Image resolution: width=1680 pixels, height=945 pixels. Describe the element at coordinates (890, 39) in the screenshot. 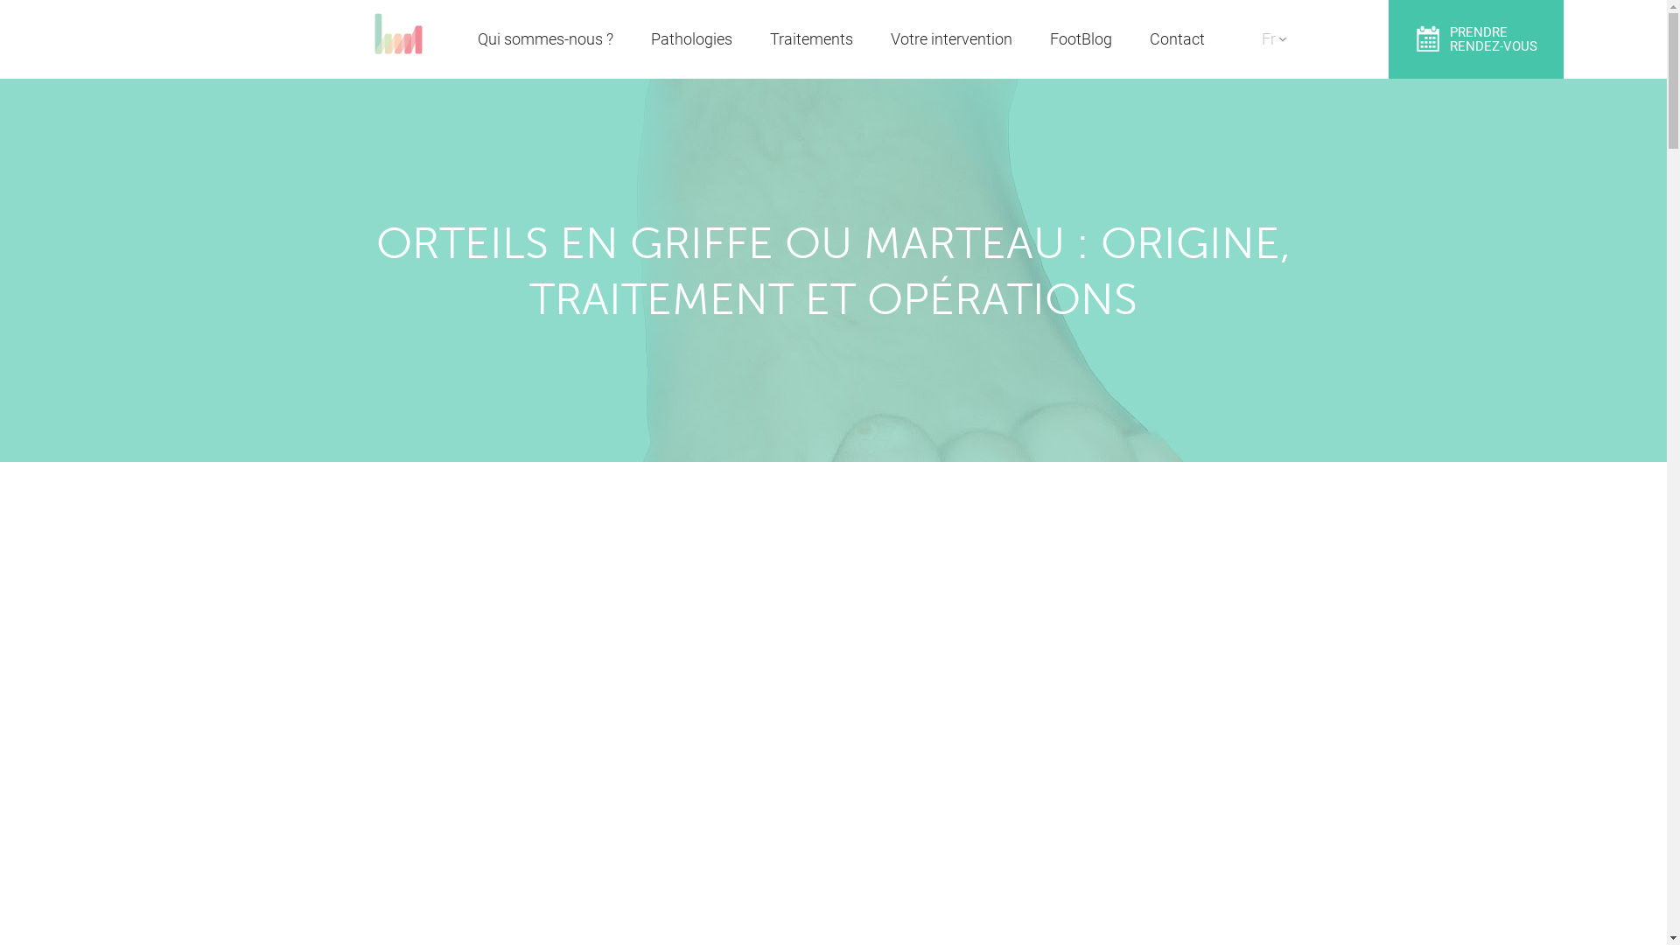

I see `'Votre intervention'` at that location.